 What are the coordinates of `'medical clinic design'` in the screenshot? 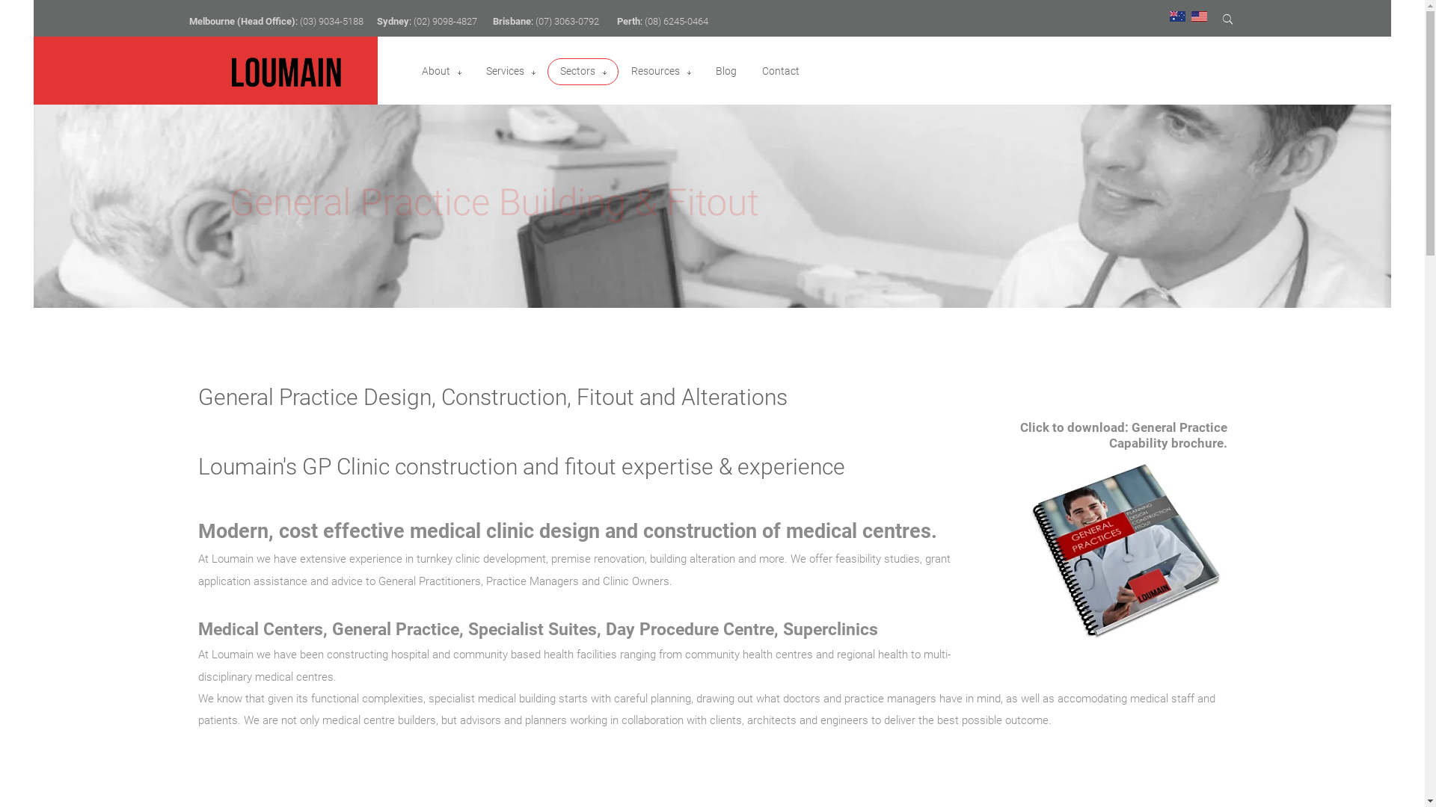 It's located at (505, 530).